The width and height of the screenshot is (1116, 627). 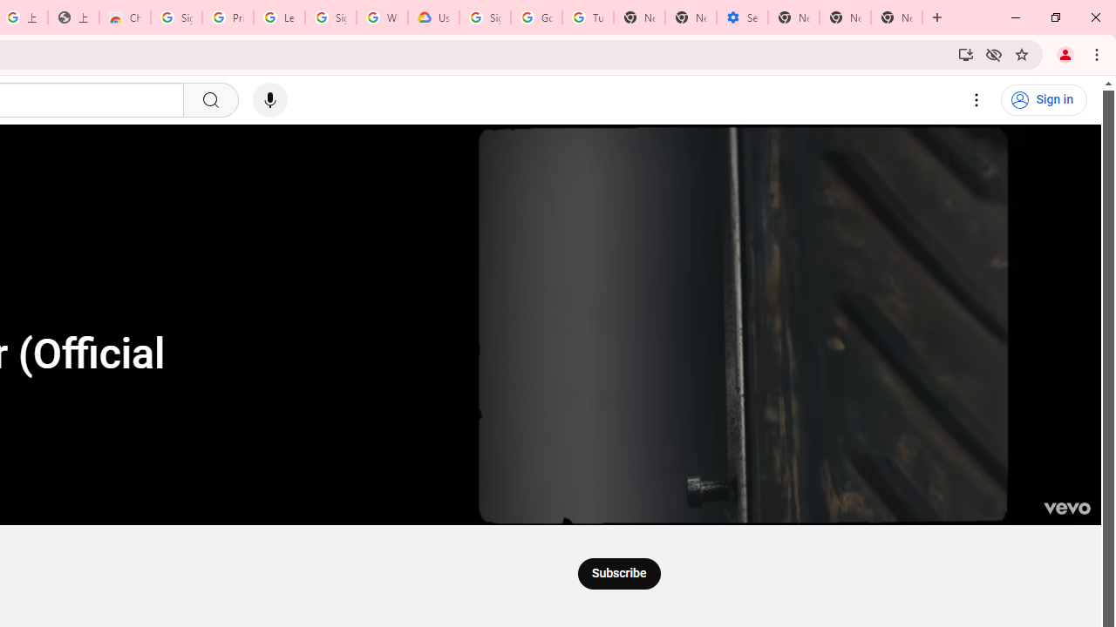 What do you see at coordinates (588, 17) in the screenshot?
I see `'Turn cookies on or off - Computer - Google Account Help'` at bounding box center [588, 17].